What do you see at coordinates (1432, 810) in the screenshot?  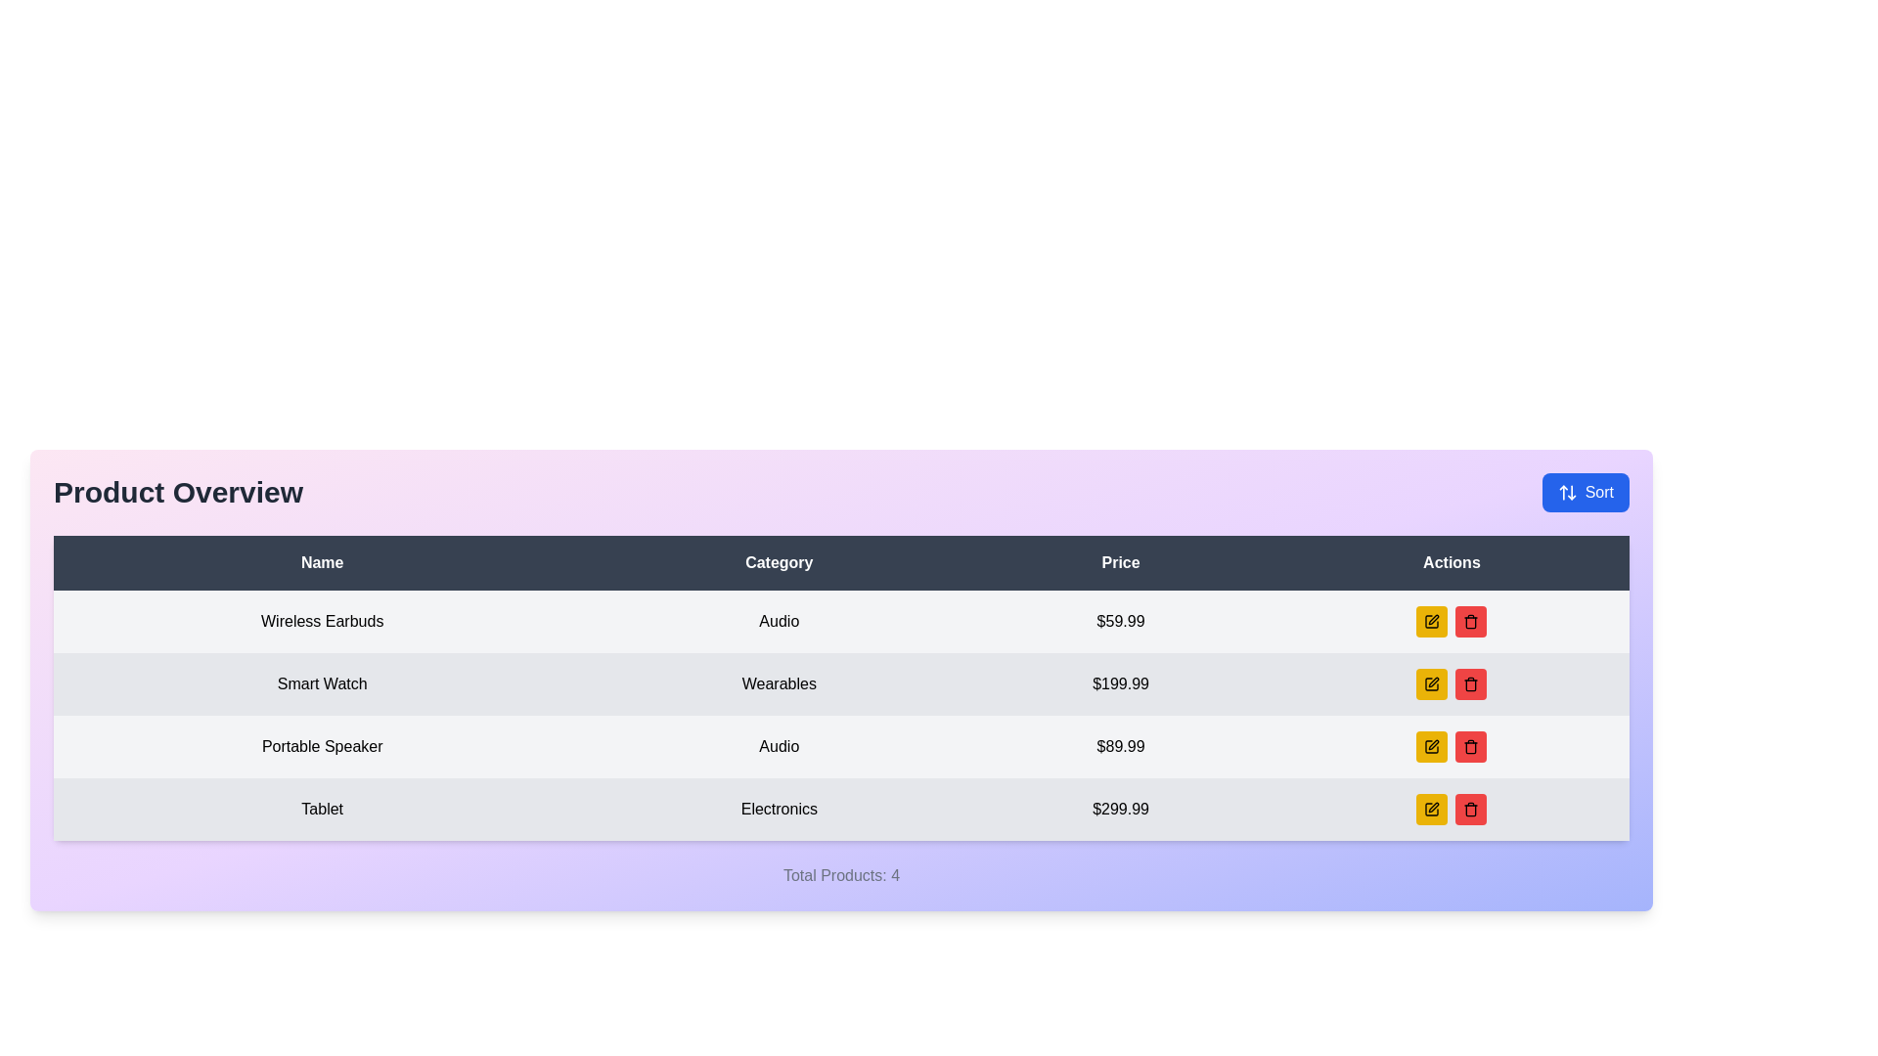 I see `the first yellow button in the last row of the 'Actions' column in the table` at bounding box center [1432, 810].